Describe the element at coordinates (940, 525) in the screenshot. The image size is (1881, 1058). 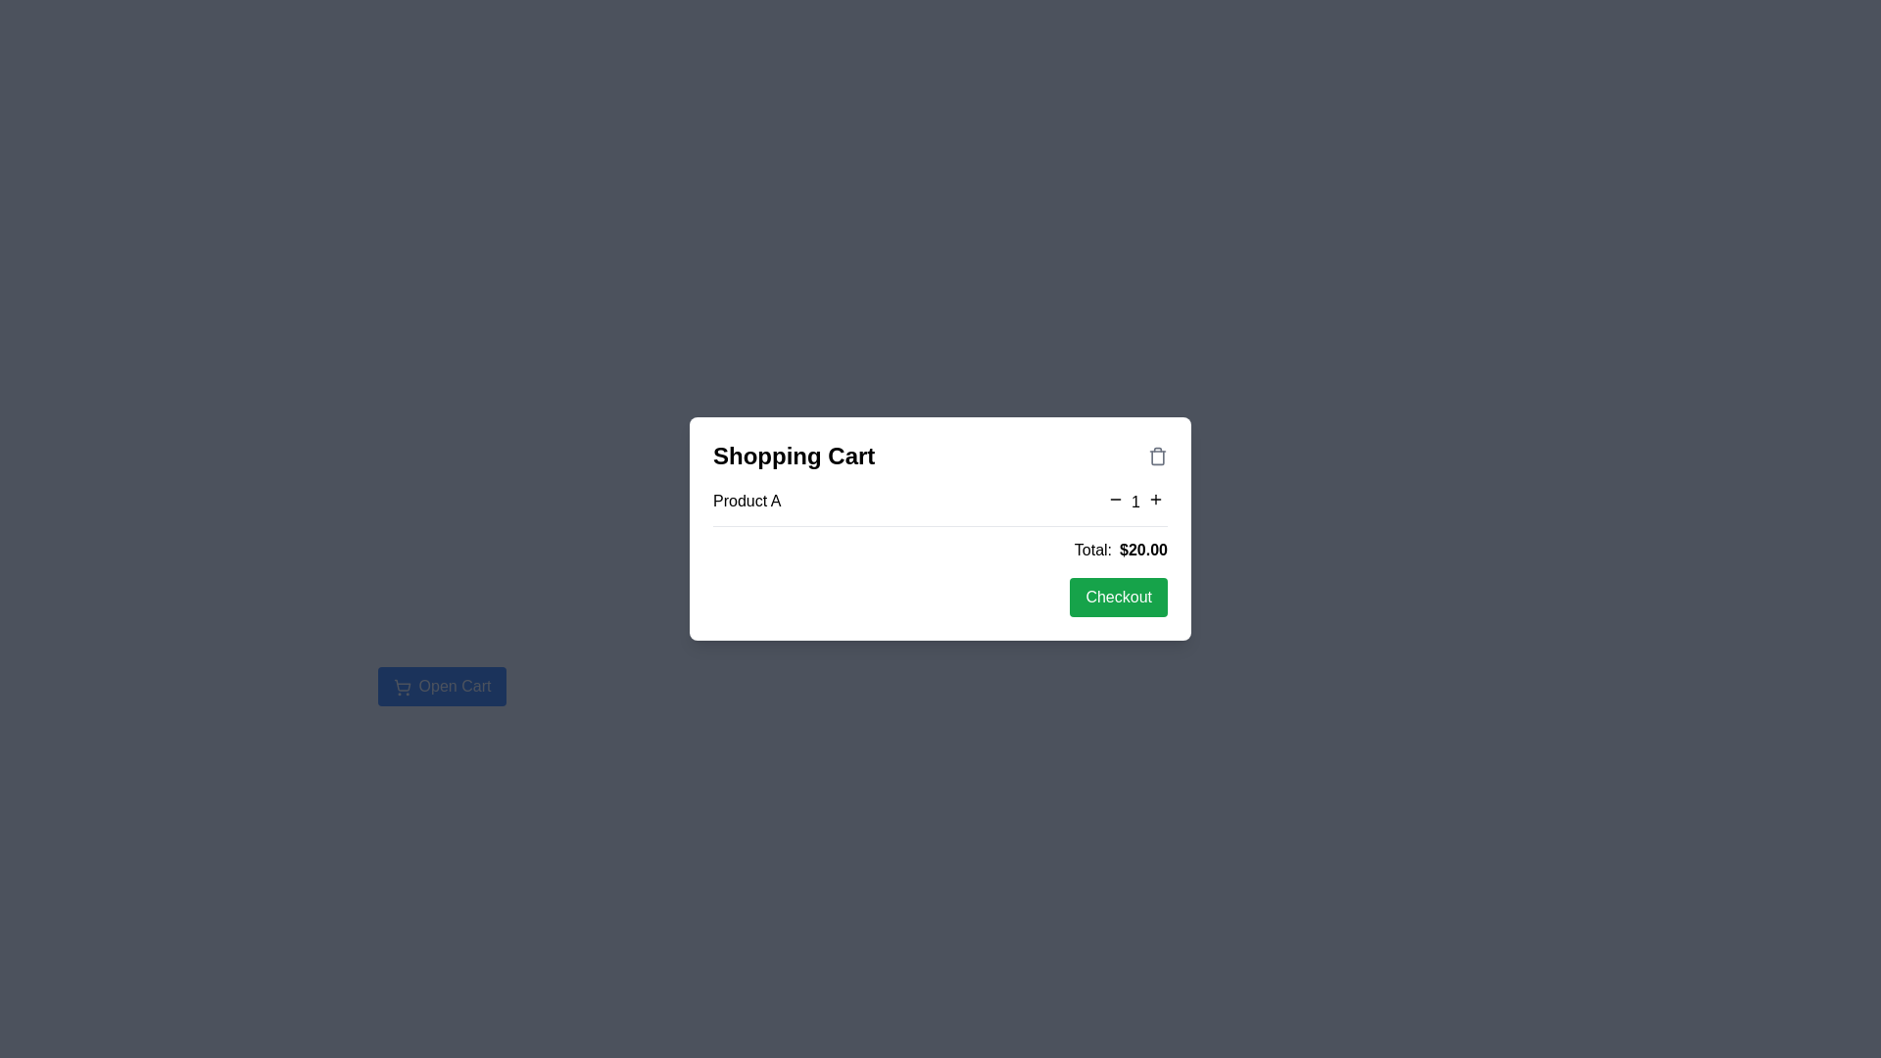
I see `the decorative horizontal line that serves as a separator between the product list and the total cost display in the shopping cart overview card` at that location.